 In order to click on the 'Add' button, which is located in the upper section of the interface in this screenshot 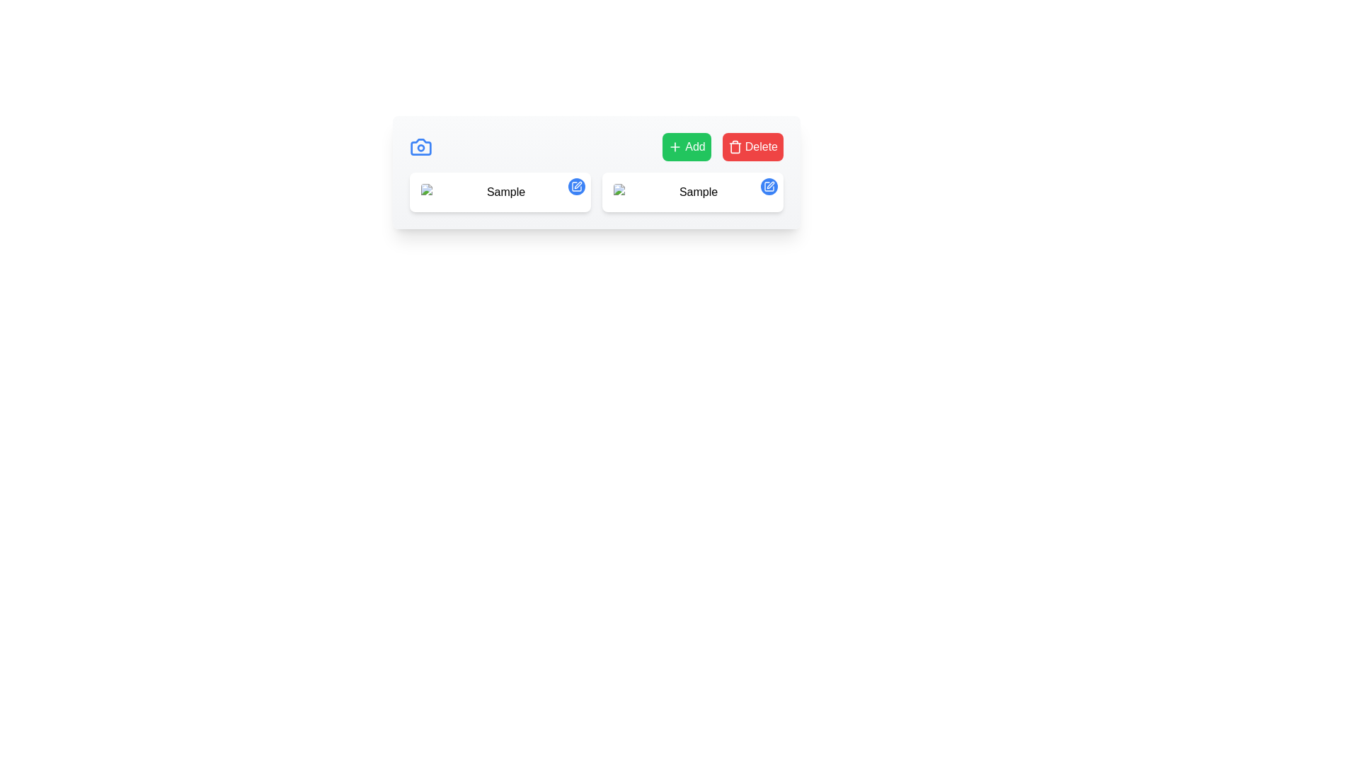, I will do `click(687, 147)`.